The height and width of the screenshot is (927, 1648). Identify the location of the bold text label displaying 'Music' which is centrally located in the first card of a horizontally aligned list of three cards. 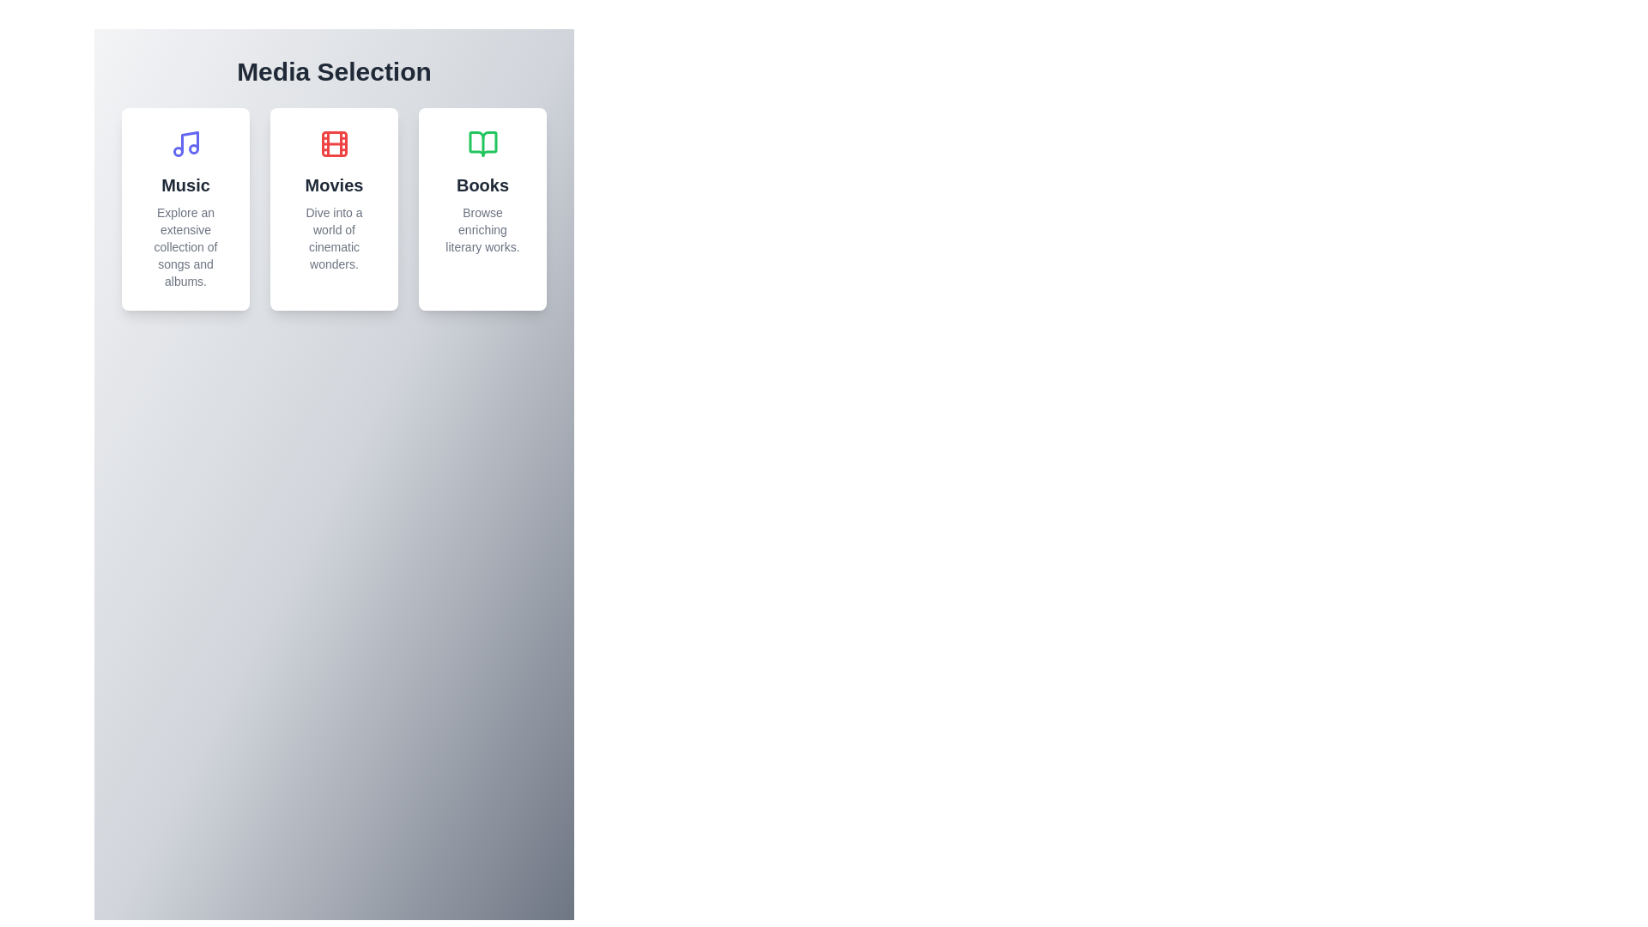
(185, 185).